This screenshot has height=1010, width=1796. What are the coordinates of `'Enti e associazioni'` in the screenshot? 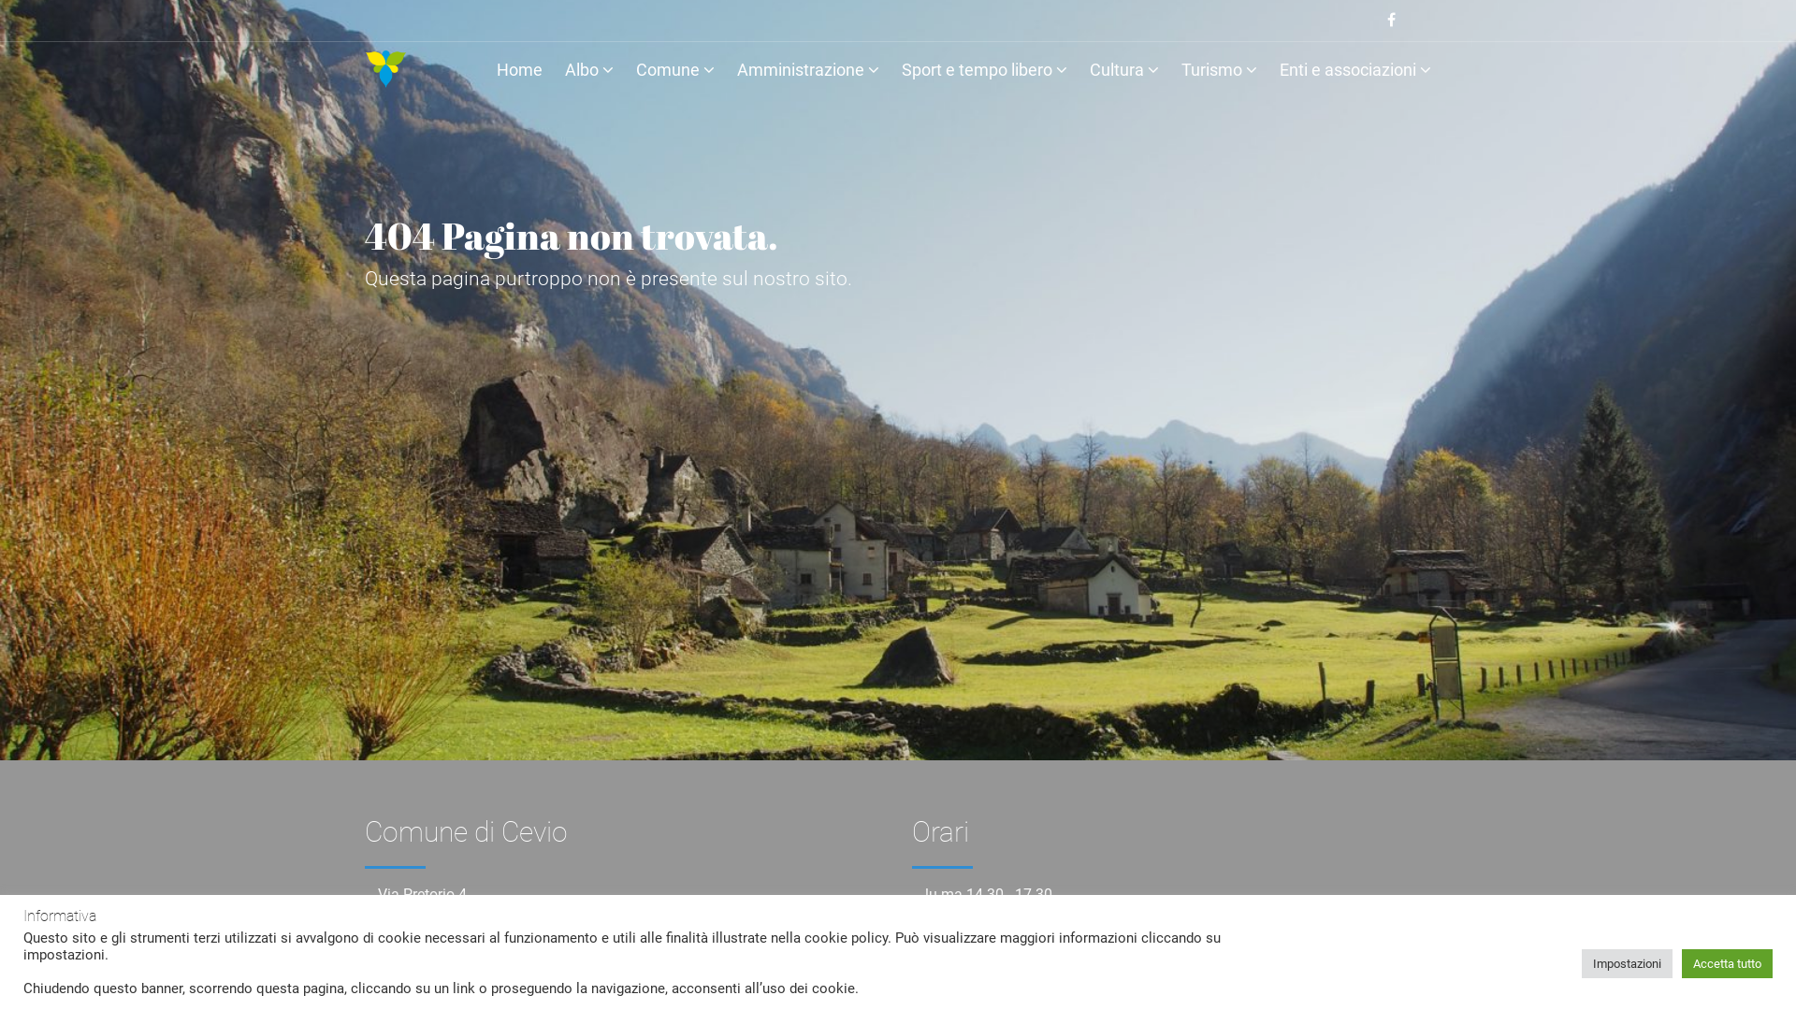 It's located at (1279, 72).